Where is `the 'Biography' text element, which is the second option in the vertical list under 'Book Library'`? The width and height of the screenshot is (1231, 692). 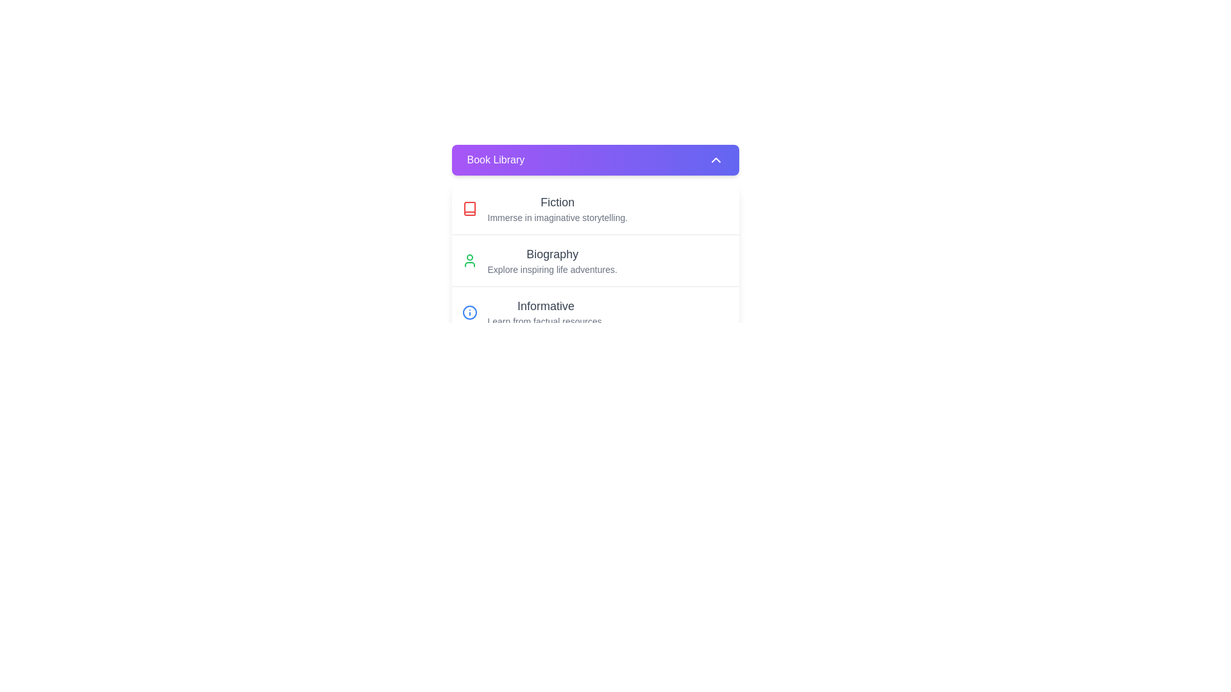 the 'Biography' text element, which is the second option in the vertical list under 'Book Library' is located at coordinates (552, 260).